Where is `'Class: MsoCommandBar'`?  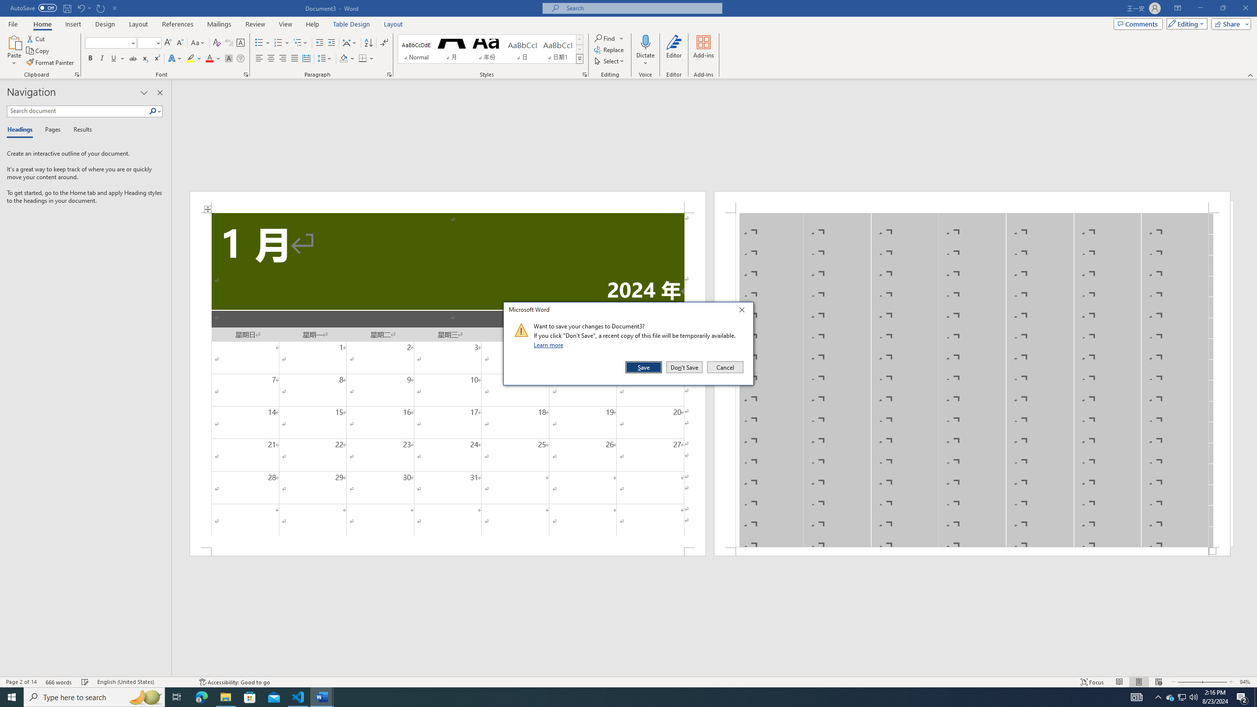 'Class: MsoCommandBar' is located at coordinates (628, 681).